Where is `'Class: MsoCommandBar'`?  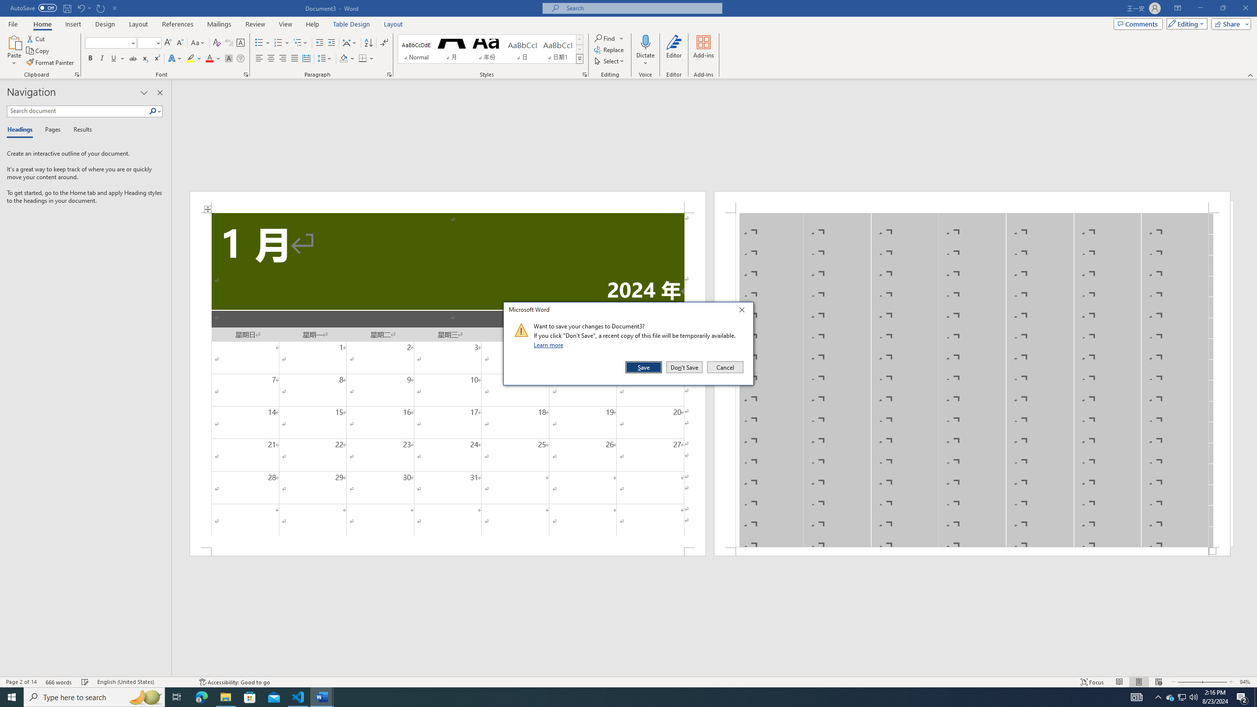 'Class: MsoCommandBar' is located at coordinates (628, 681).